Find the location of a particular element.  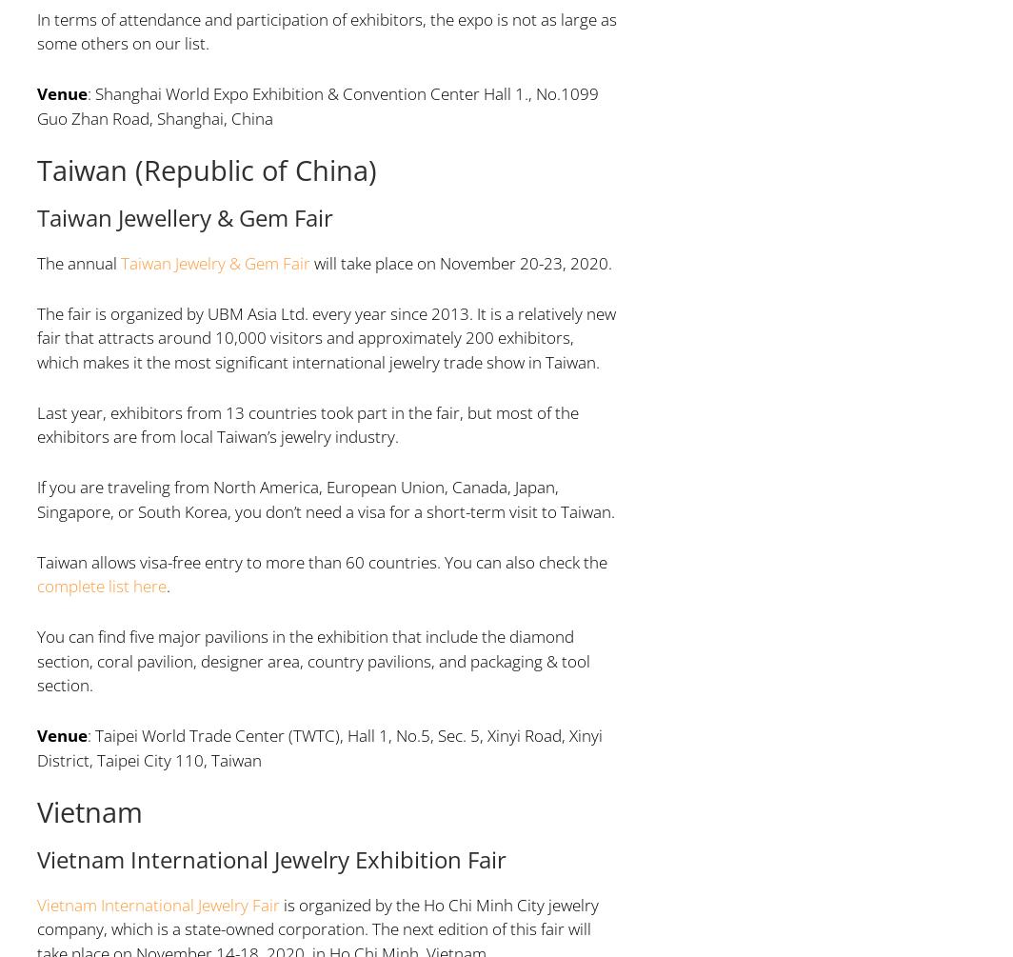

'complete list here' is located at coordinates (100, 585).